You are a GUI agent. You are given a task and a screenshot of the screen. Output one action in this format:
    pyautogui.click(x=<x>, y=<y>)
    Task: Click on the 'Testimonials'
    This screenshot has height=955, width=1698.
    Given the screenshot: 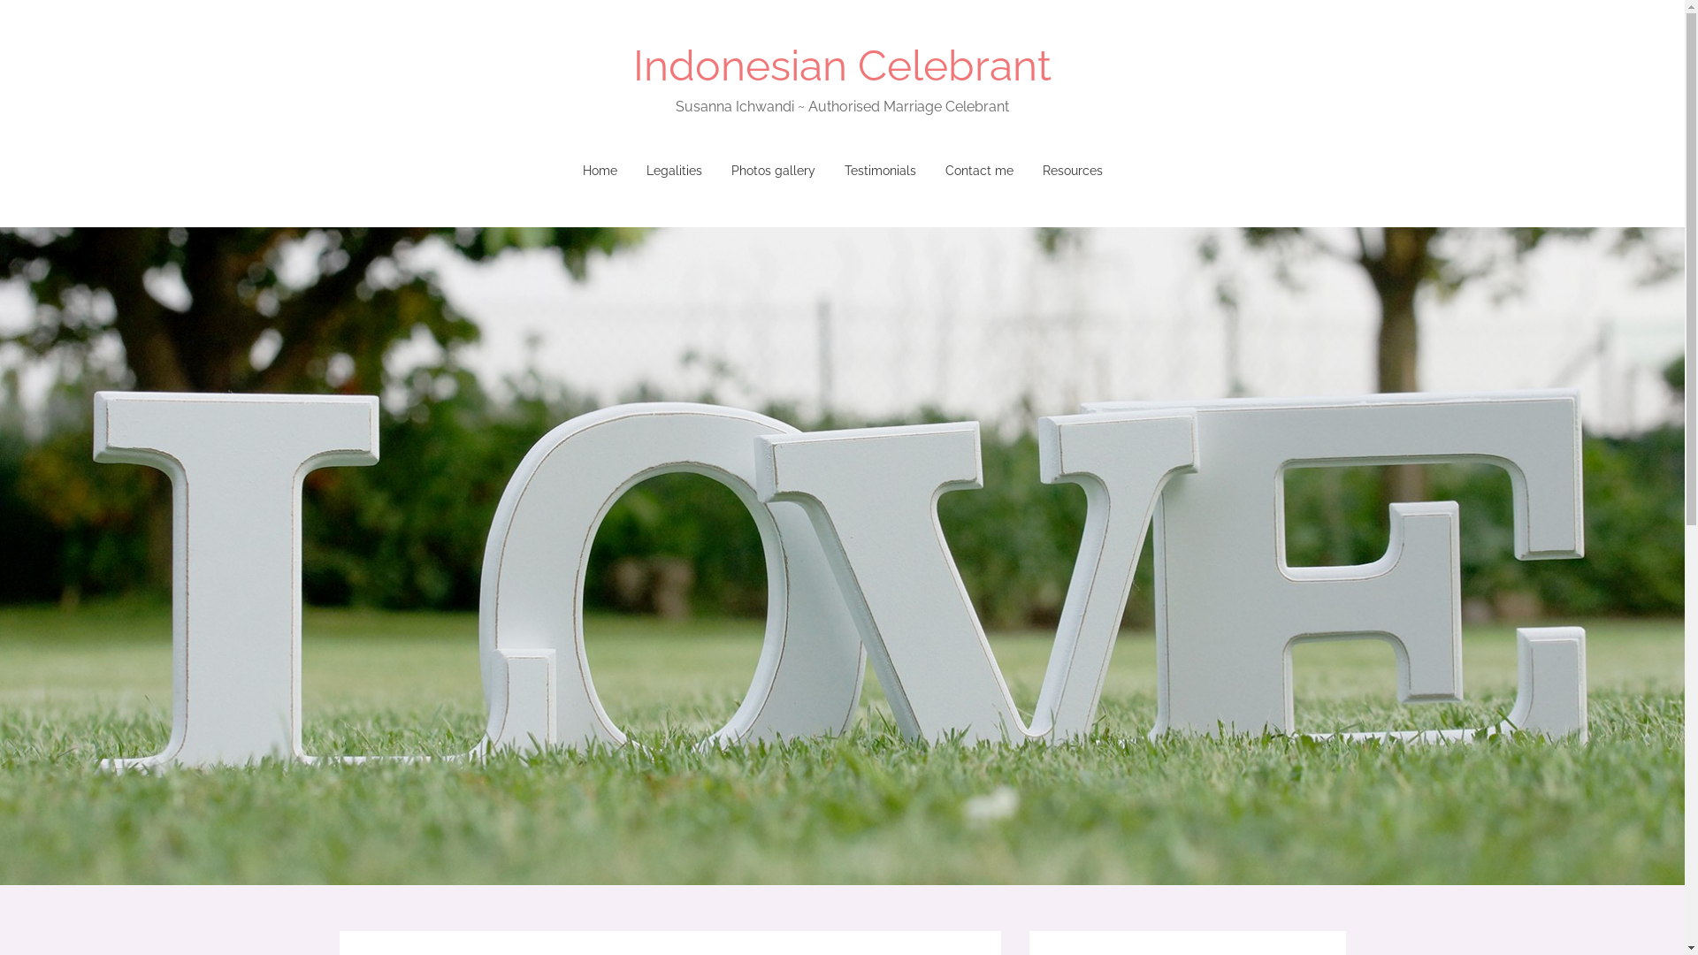 What is the action you would take?
    pyautogui.click(x=879, y=170)
    